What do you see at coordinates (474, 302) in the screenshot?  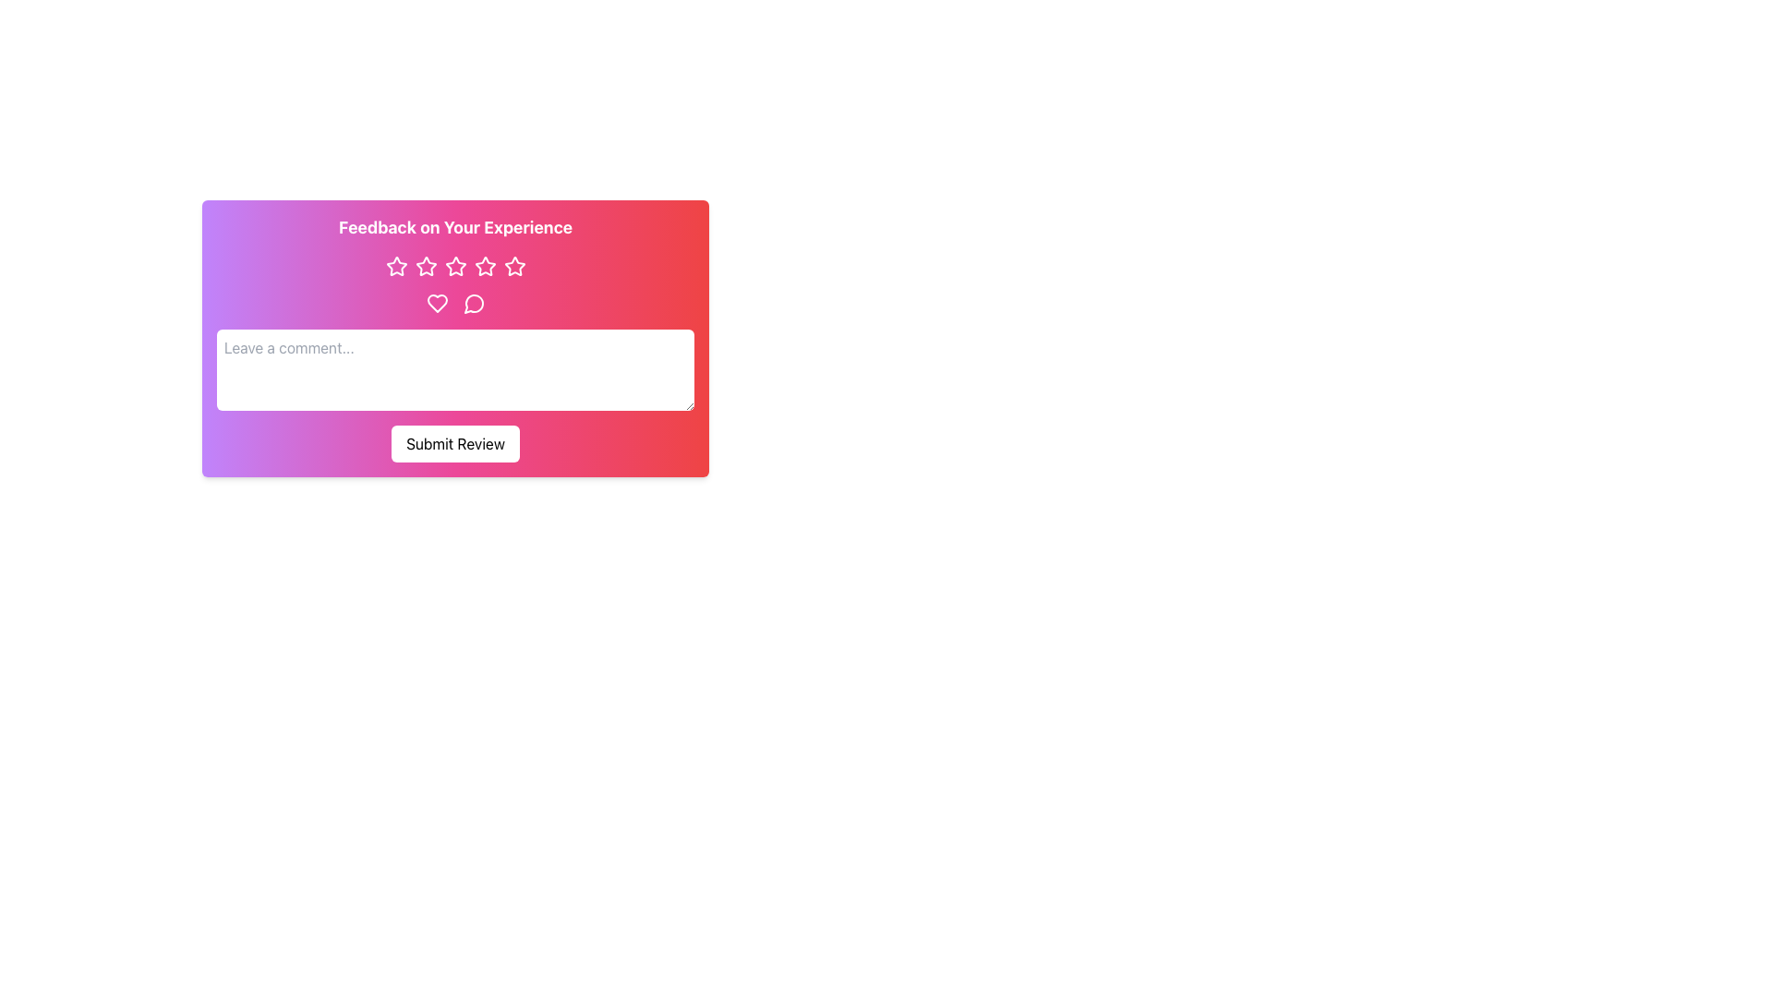 I see `the speech bubble icon button outlined in blue and with a white interior, which is the second icon from the right in the feedback options group, immediately following the heart icon` at bounding box center [474, 302].